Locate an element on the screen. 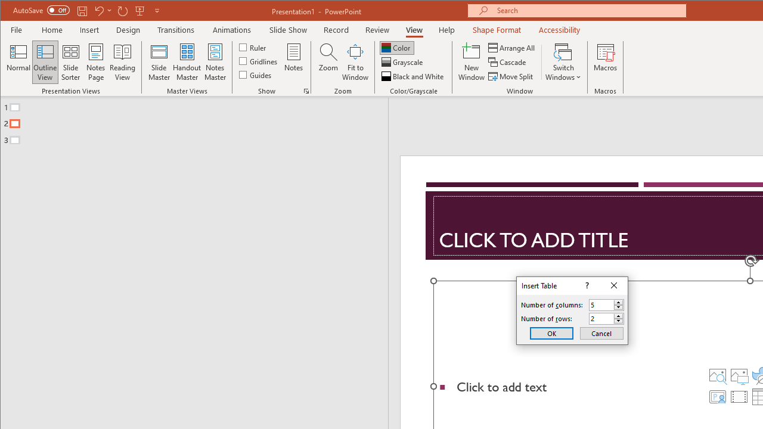 This screenshot has height=429, width=763. 'Grayscale' is located at coordinates (403, 62).